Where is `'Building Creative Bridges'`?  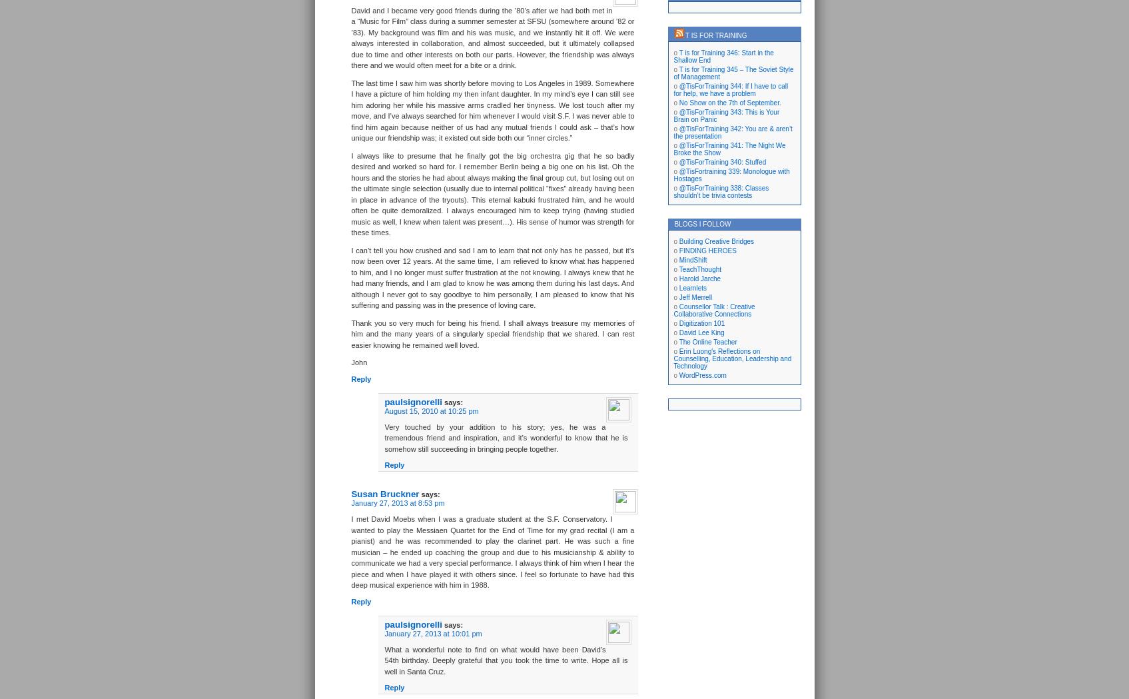
'Building Creative Bridges' is located at coordinates (716, 241).